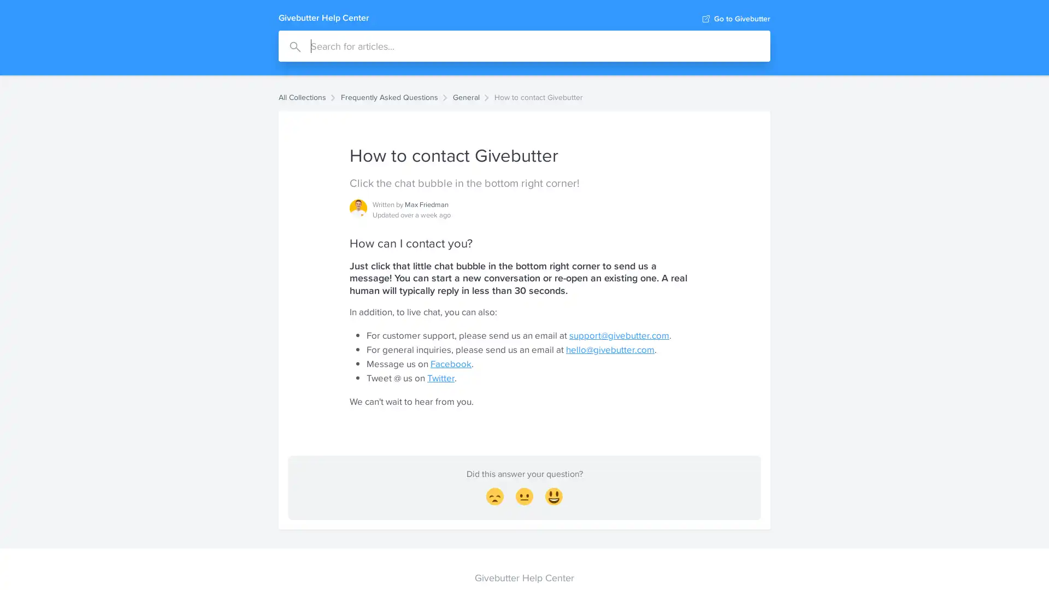 The width and height of the screenshot is (1049, 590). Describe the element at coordinates (524, 498) in the screenshot. I see `Neutral face Reaction` at that location.